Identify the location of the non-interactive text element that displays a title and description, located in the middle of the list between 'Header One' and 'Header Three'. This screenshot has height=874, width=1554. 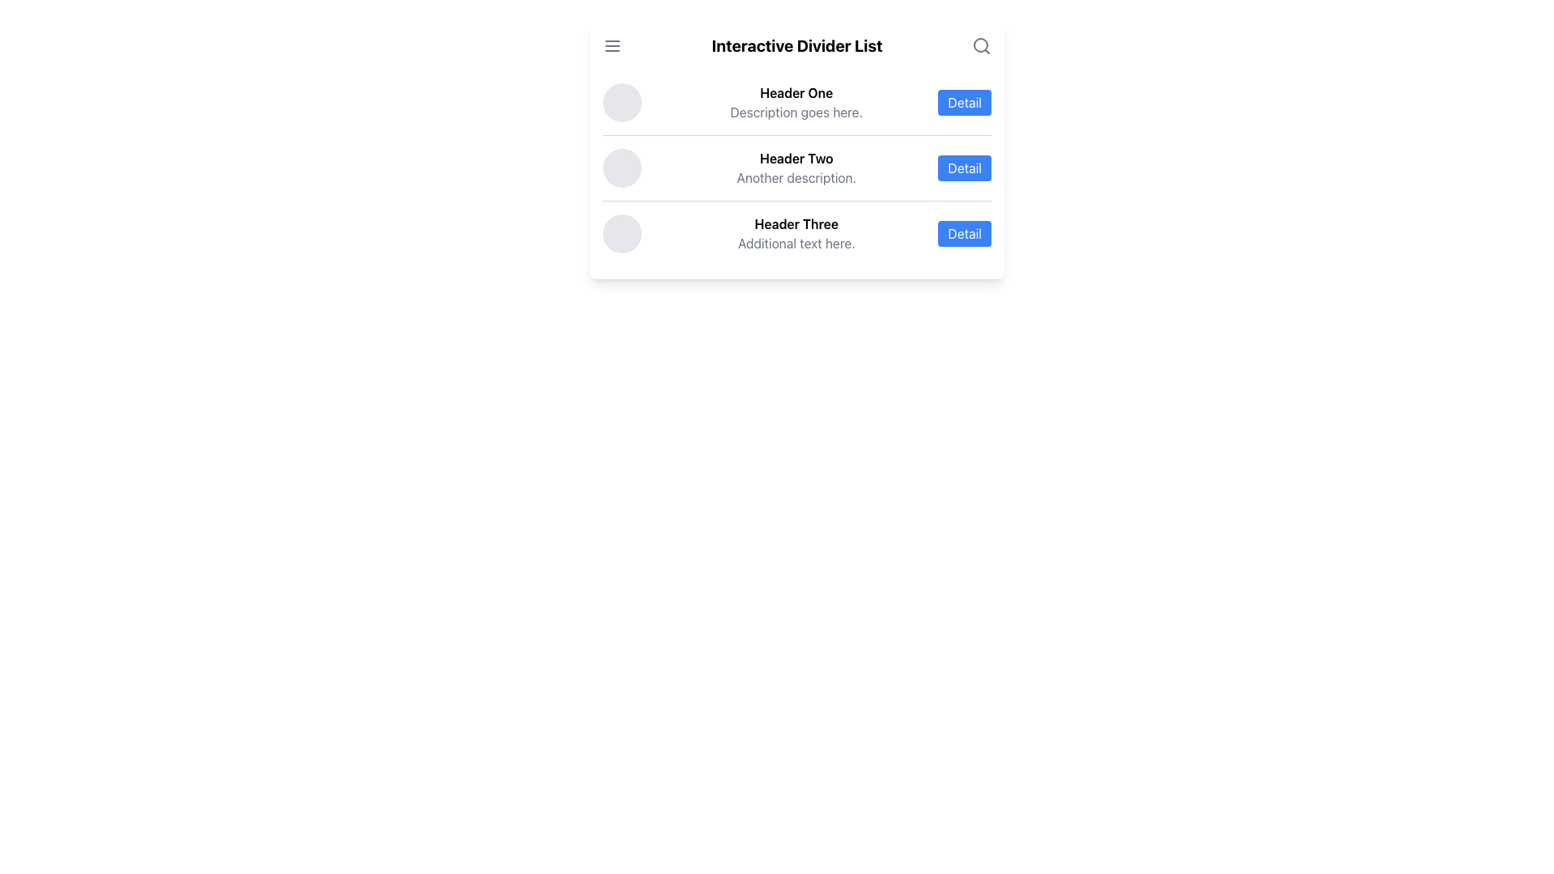
(796, 168).